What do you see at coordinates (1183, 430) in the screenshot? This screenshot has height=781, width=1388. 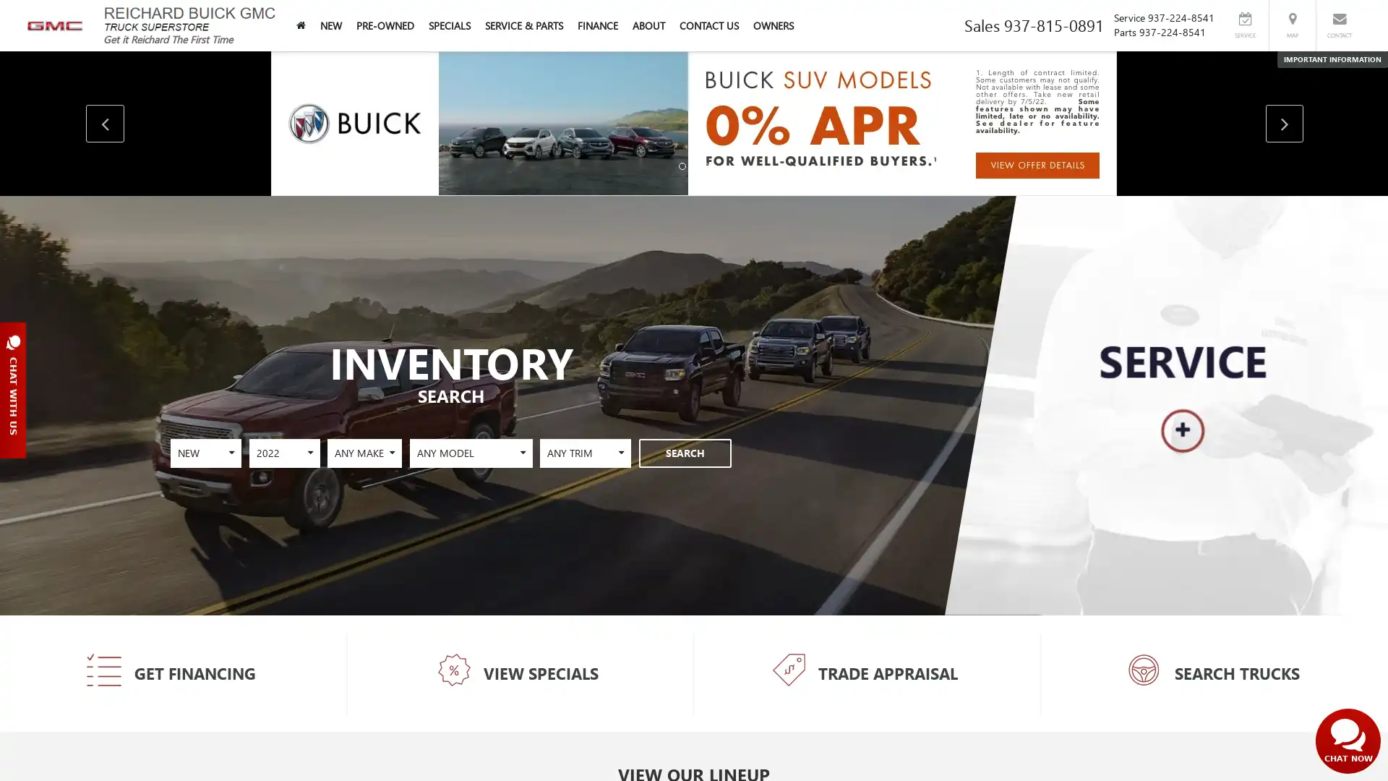 I see `More` at bounding box center [1183, 430].